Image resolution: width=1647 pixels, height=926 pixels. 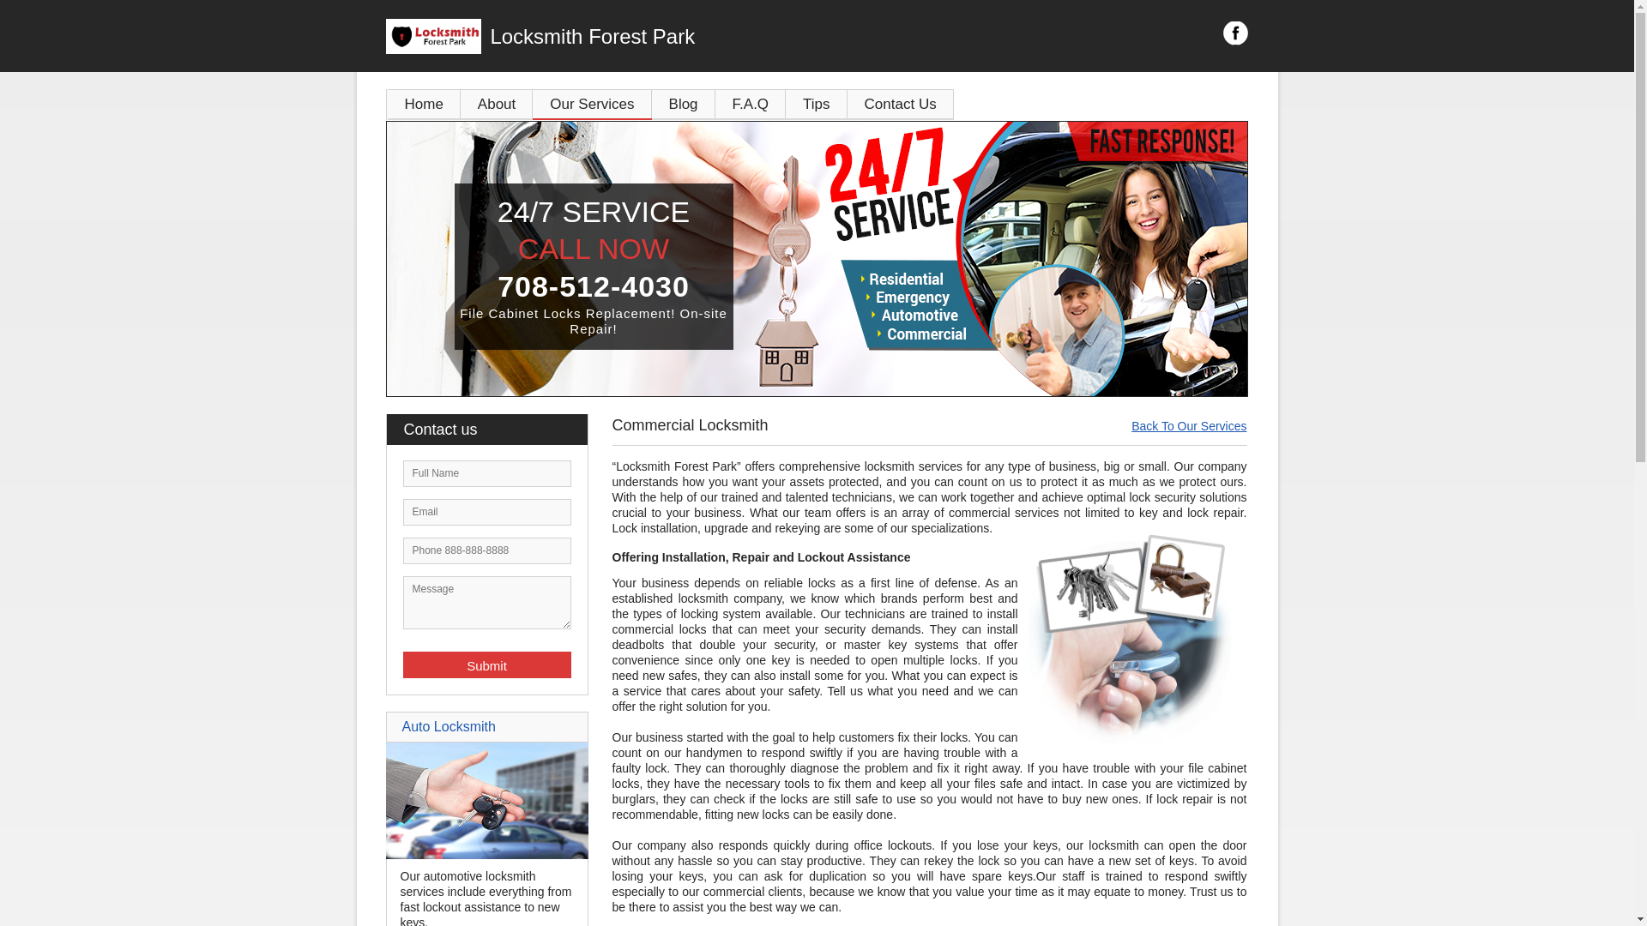 I want to click on 'Auto Locksmith', so click(x=486, y=854).